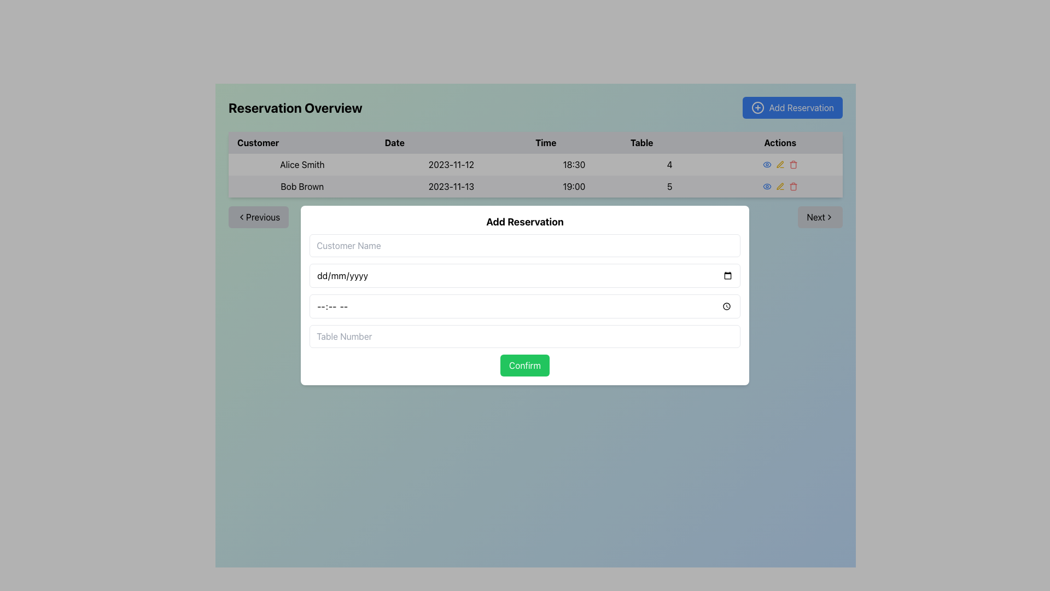  What do you see at coordinates (574, 164) in the screenshot?
I see `the Text Label displaying '18:30' in bold, black font, which is part of the reservation details row aligned with 'Alice Smith' and '2023-11-12'` at bounding box center [574, 164].